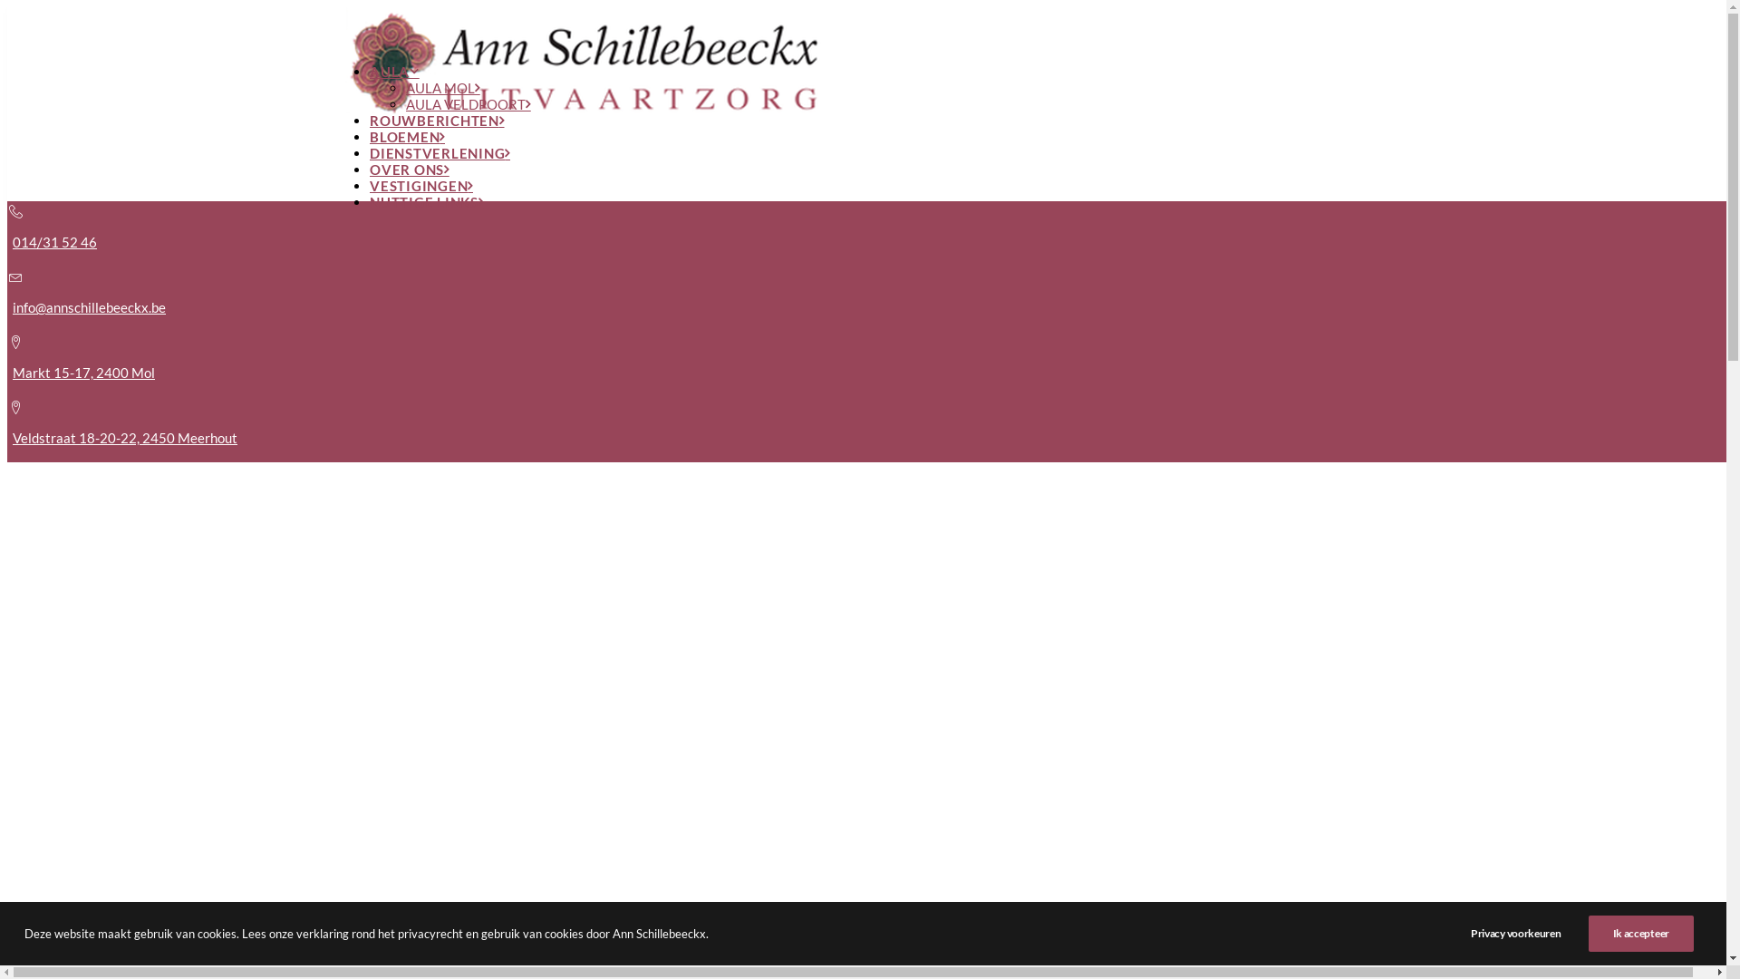 The image size is (1740, 979). What do you see at coordinates (420, 185) in the screenshot?
I see `'VESTIGINGEN'` at bounding box center [420, 185].